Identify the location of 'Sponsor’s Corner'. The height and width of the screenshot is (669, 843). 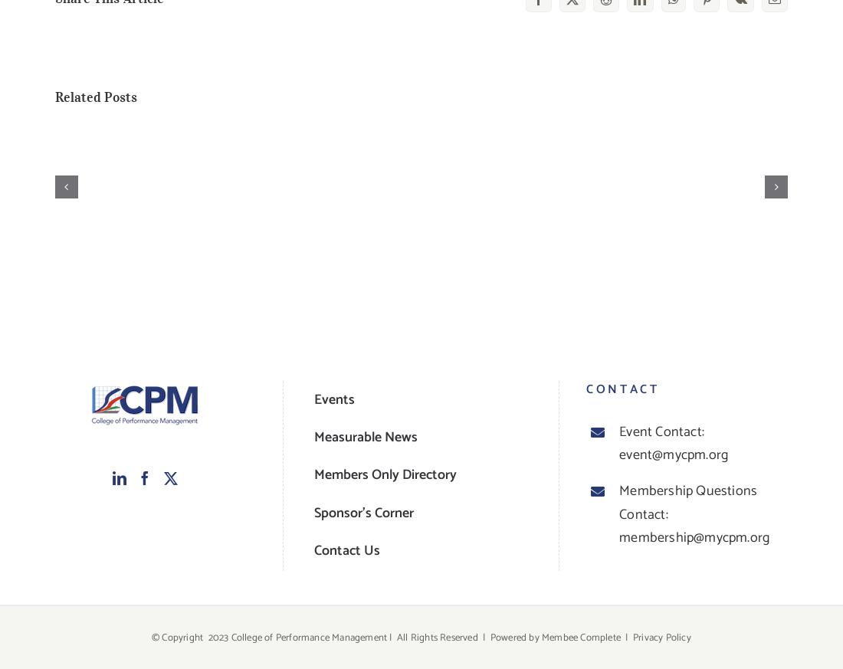
(362, 512).